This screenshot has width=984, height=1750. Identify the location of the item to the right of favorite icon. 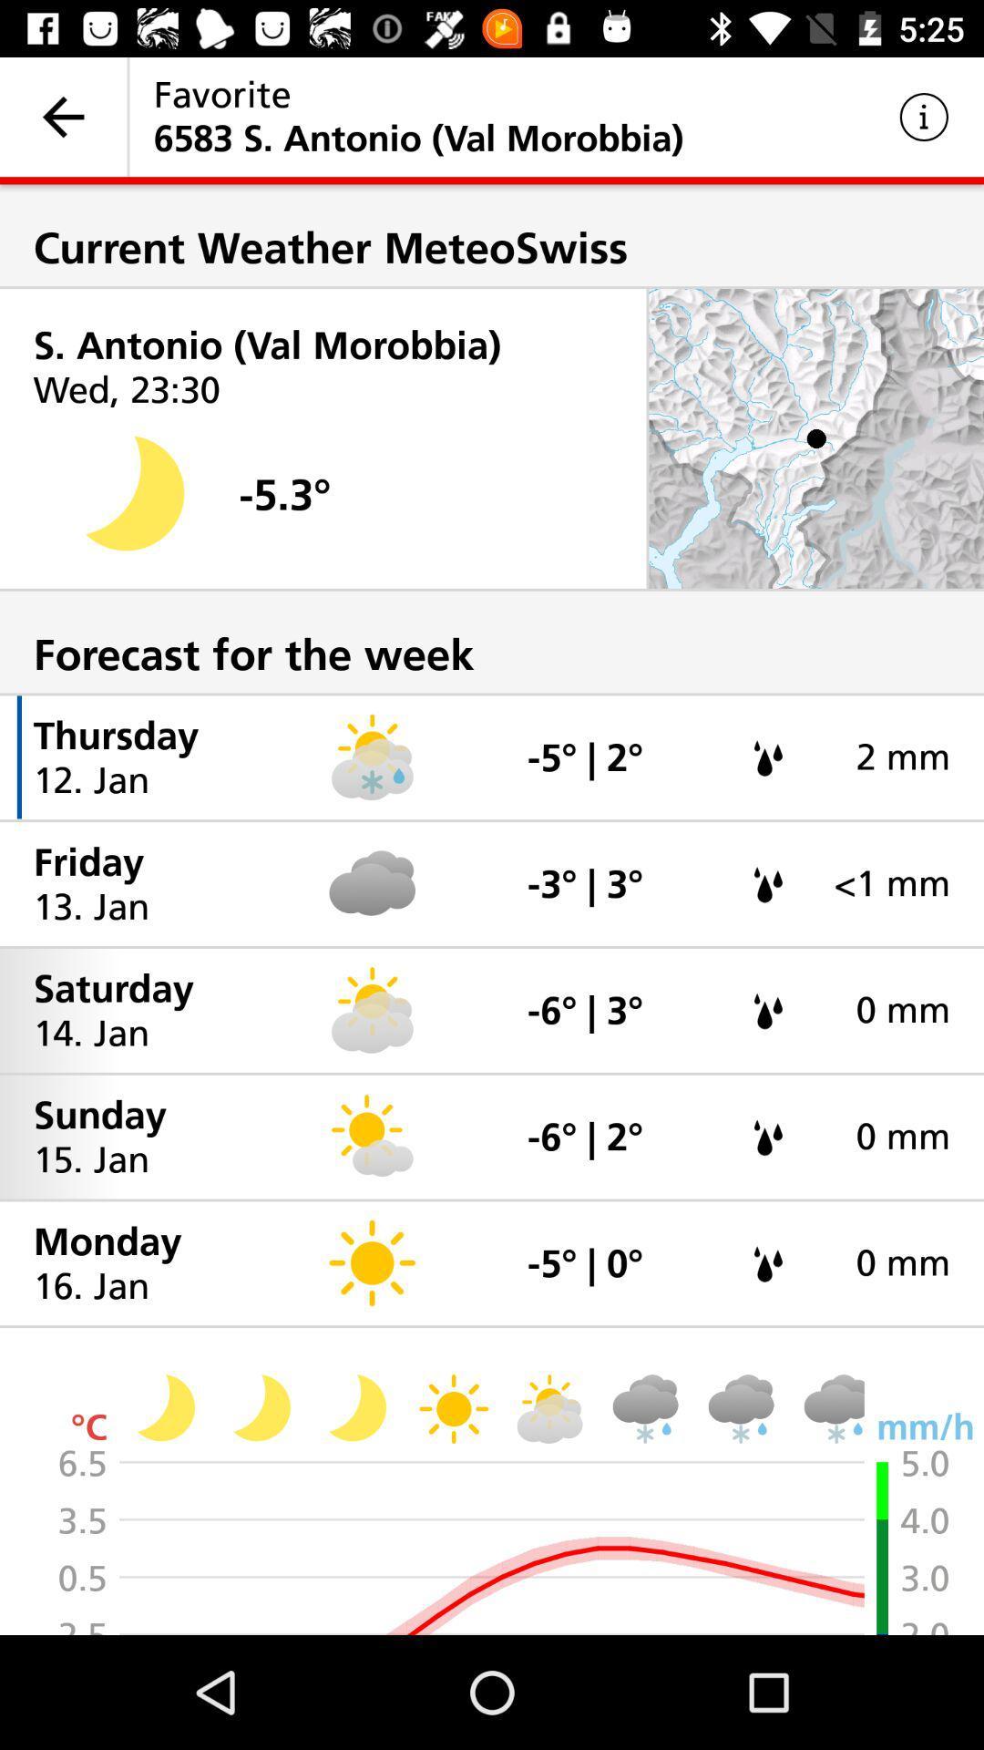
(924, 116).